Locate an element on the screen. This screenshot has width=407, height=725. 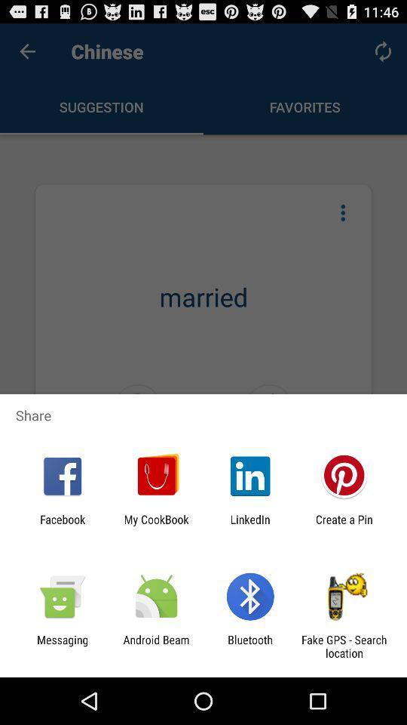
icon to the right of the facebook item is located at coordinates (155, 526).